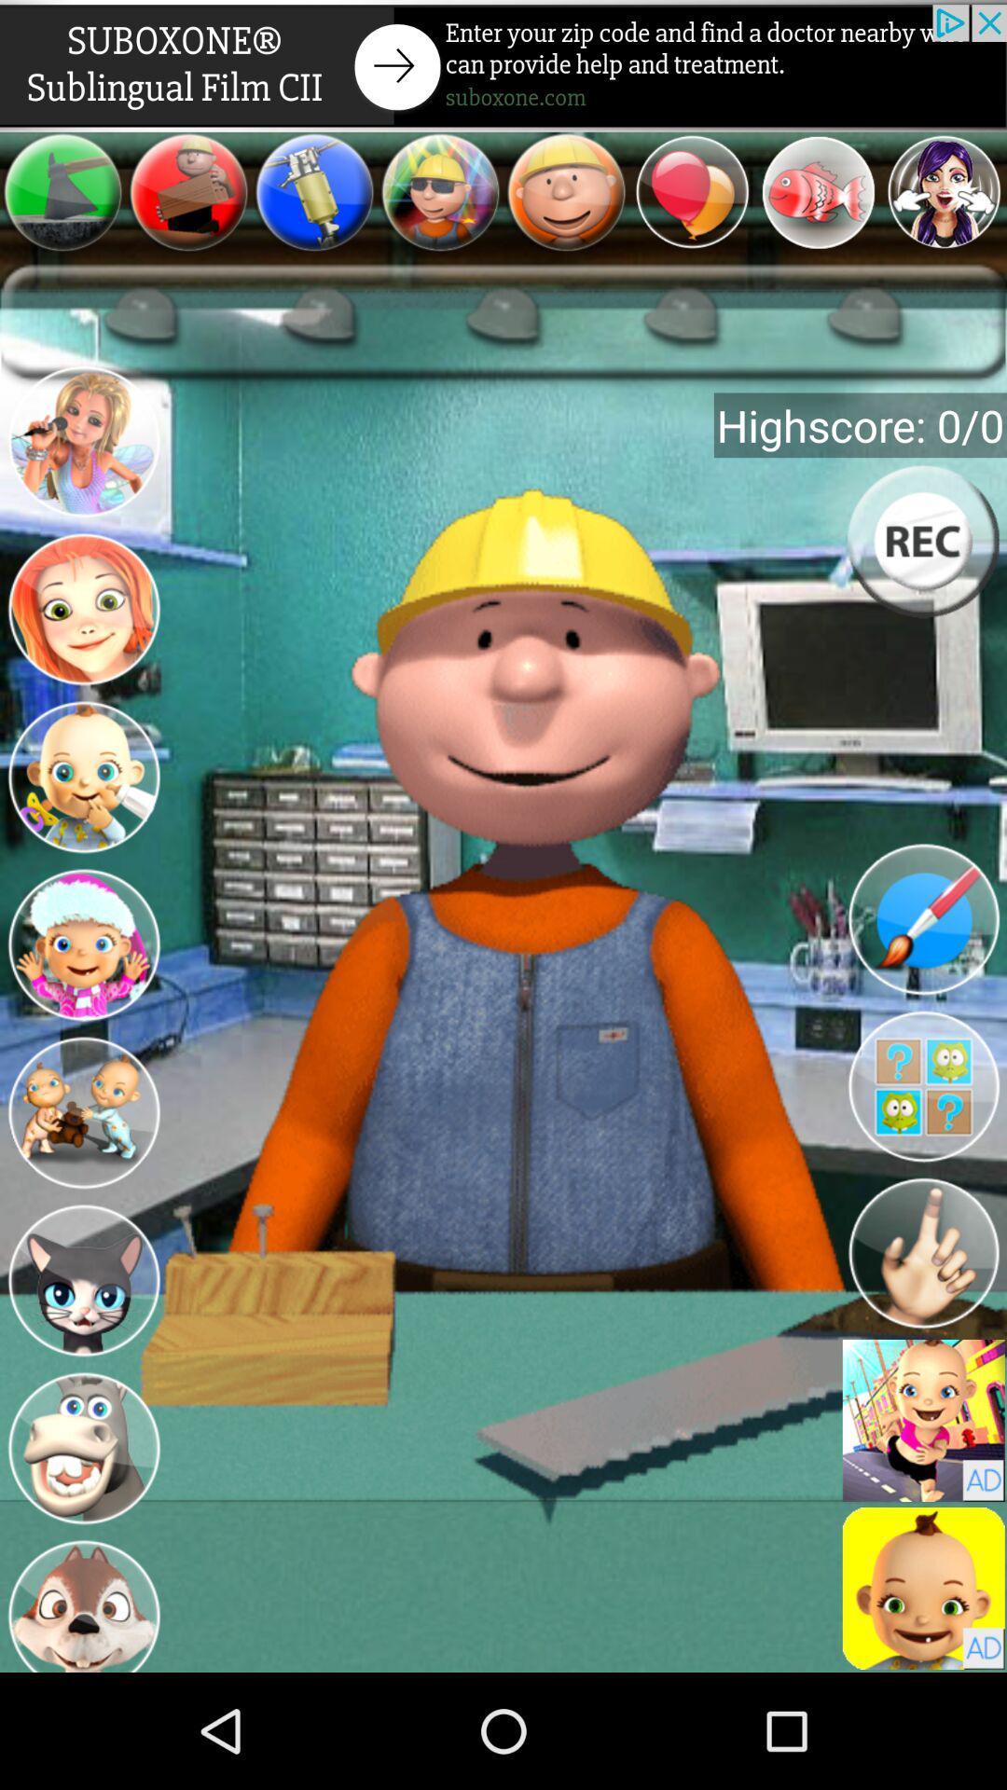 This screenshot has height=1790, width=1007. Describe the element at coordinates (817, 192) in the screenshot. I see `the item` at that location.